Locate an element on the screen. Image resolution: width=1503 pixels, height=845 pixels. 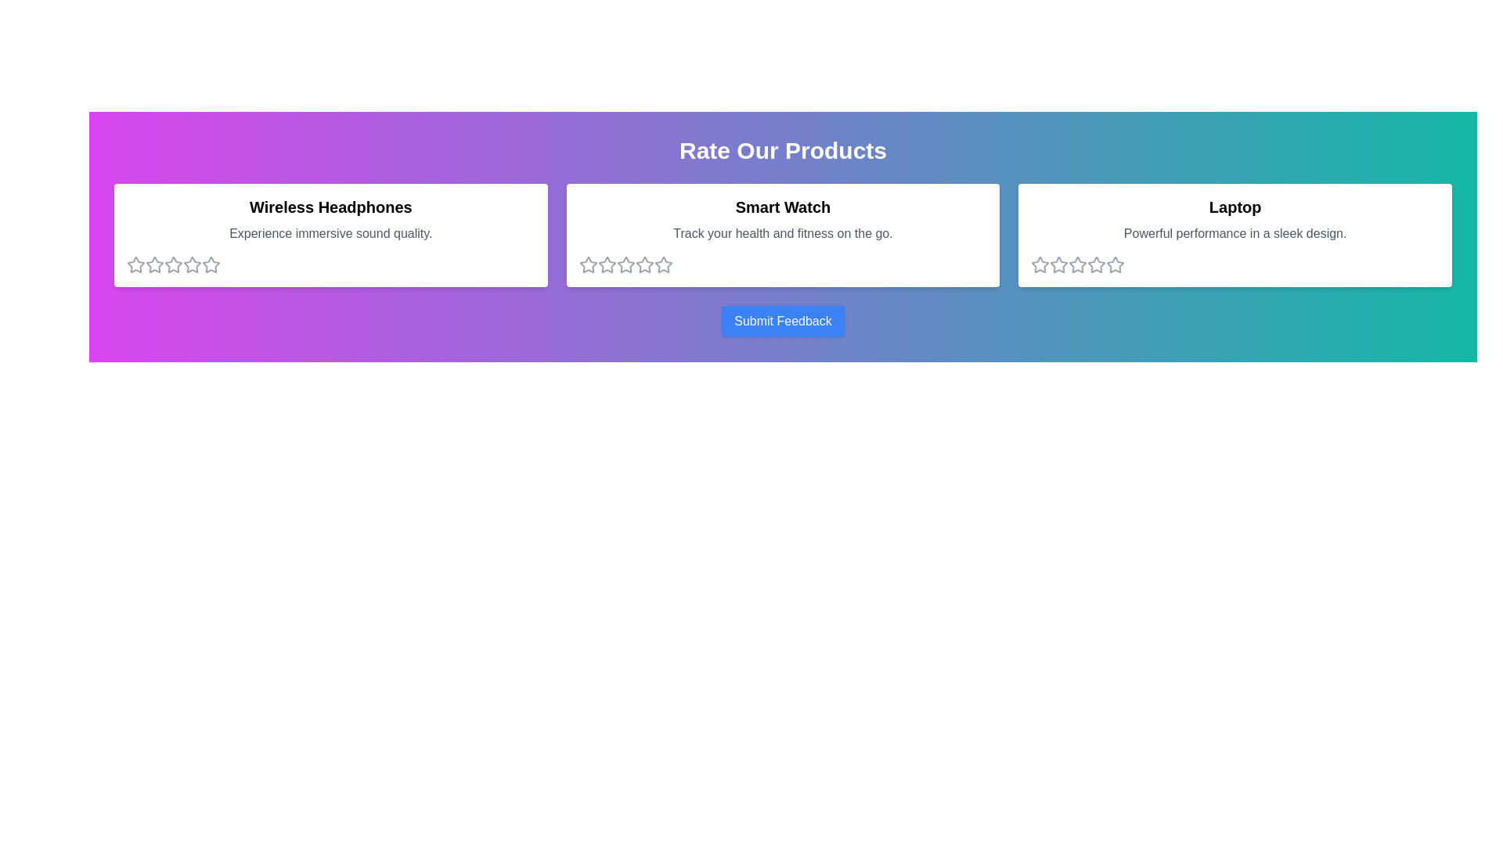
the 2 star for the product Smart Watch to set its rating is located at coordinates (605, 264).